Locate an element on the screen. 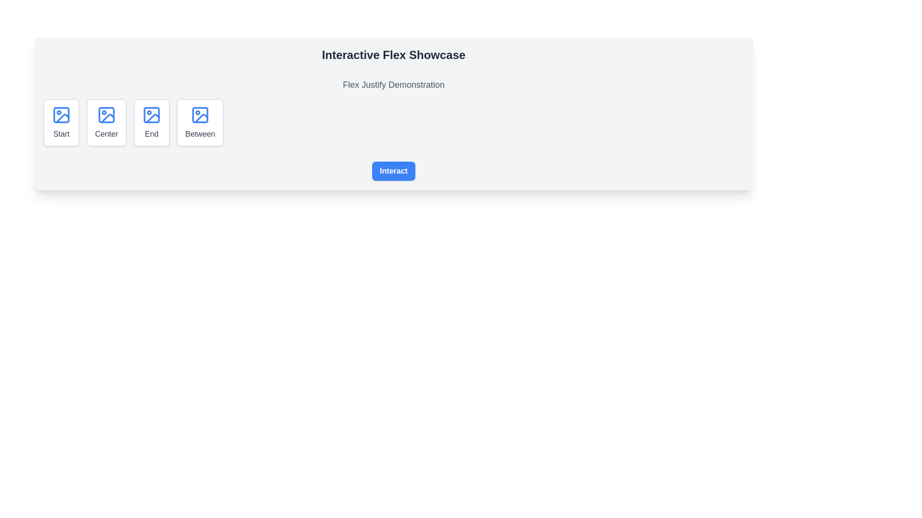  the icon in the top left section of the button component labeled 'Start', which represents the action to initiate a process is located at coordinates (61, 114).